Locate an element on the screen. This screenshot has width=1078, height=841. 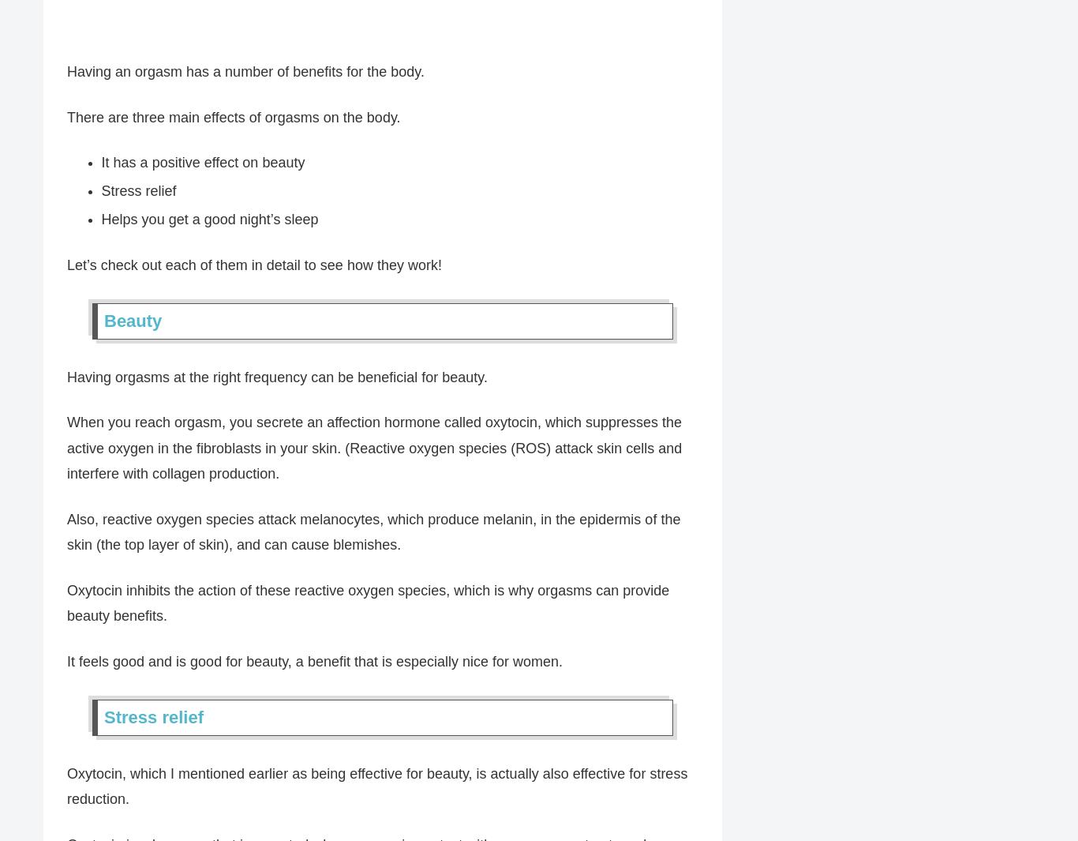
'Oxytocin, which I mentioned earlier as being effective for beauty, is actually also effective for stress reduction.' is located at coordinates (376, 787).